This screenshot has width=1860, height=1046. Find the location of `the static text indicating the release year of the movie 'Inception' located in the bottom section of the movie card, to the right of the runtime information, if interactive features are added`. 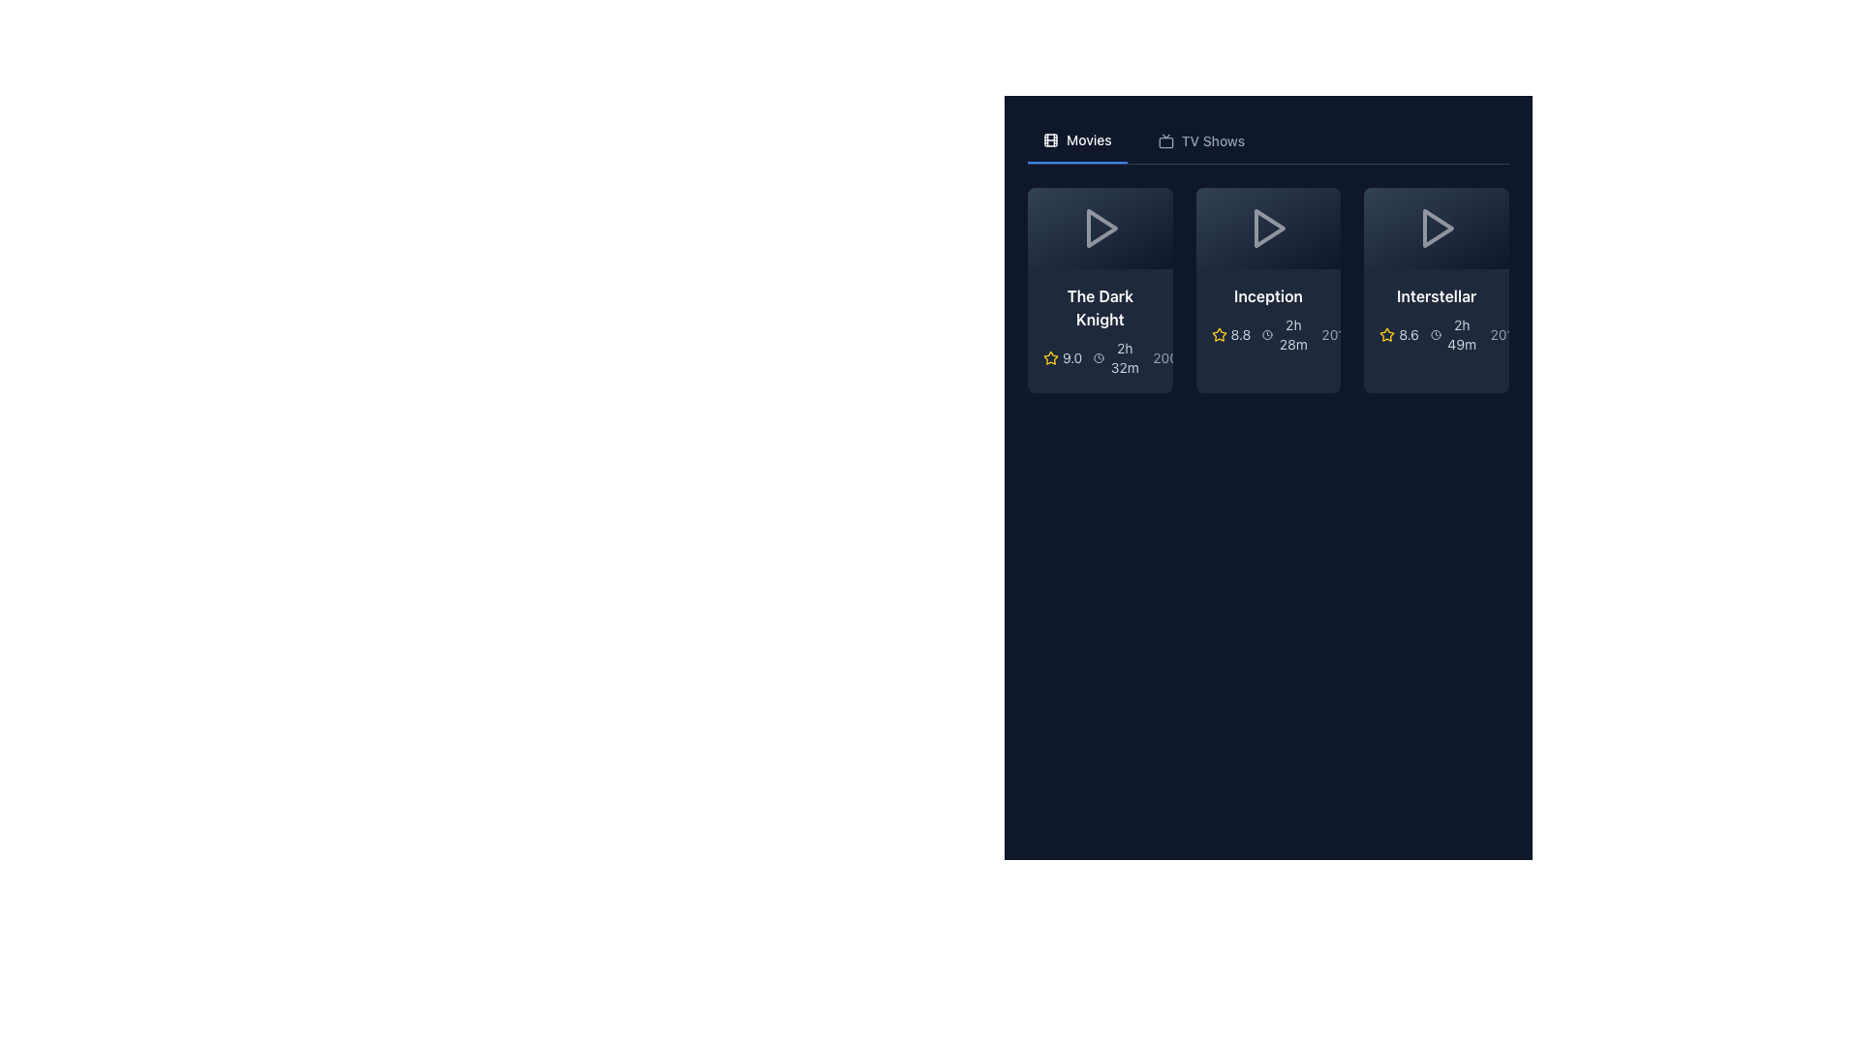

the static text indicating the release year of the movie 'Inception' located in the bottom section of the movie card, to the right of the runtime information, if interactive features are added is located at coordinates (1336, 334).